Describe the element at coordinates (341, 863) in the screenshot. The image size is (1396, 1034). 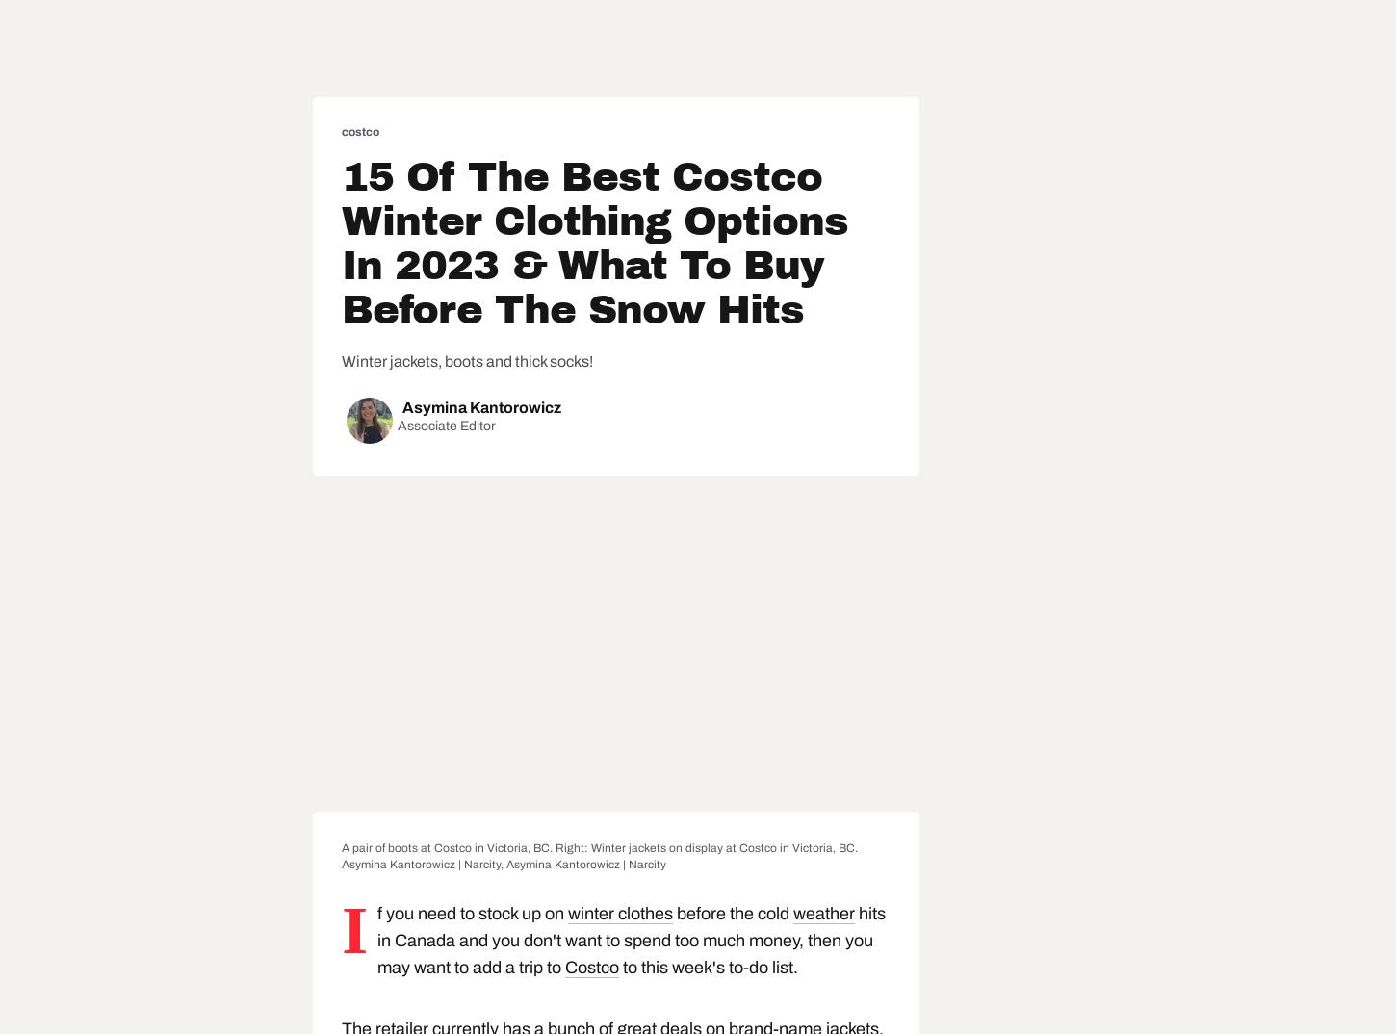
I see `'Asymina Kantorowicz | Narcity, Asymina Kantorowicz | Narcity'` at that location.